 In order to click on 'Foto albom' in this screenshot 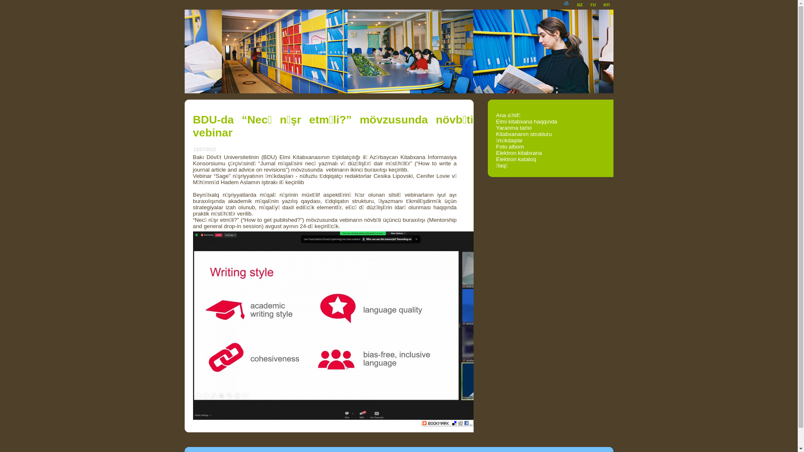, I will do `click(496, 146)`.